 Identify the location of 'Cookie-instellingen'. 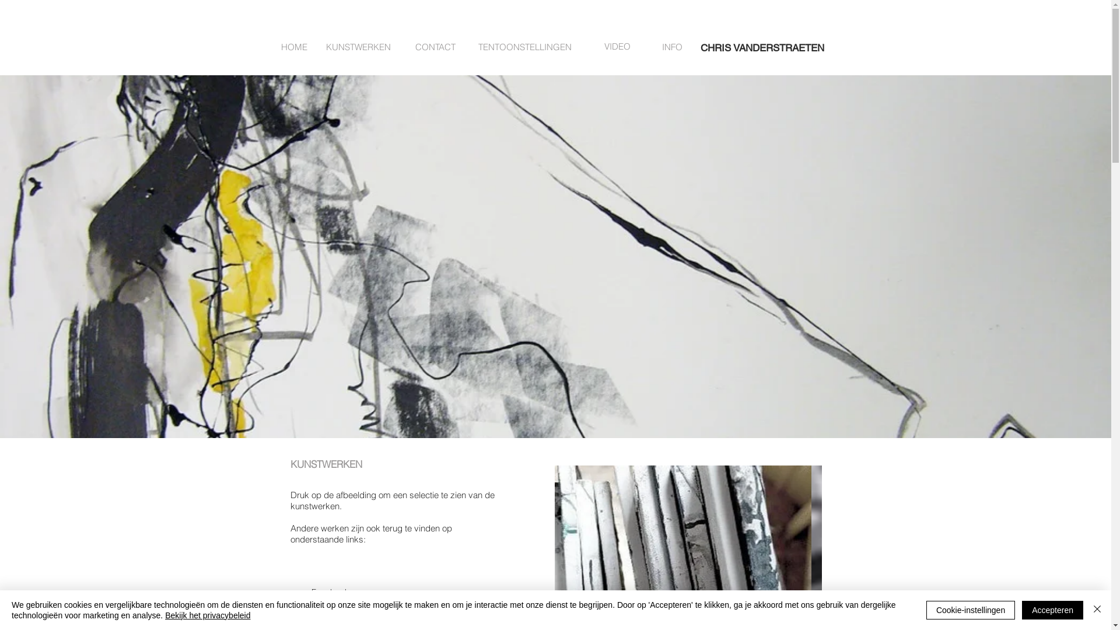
(971, 609).